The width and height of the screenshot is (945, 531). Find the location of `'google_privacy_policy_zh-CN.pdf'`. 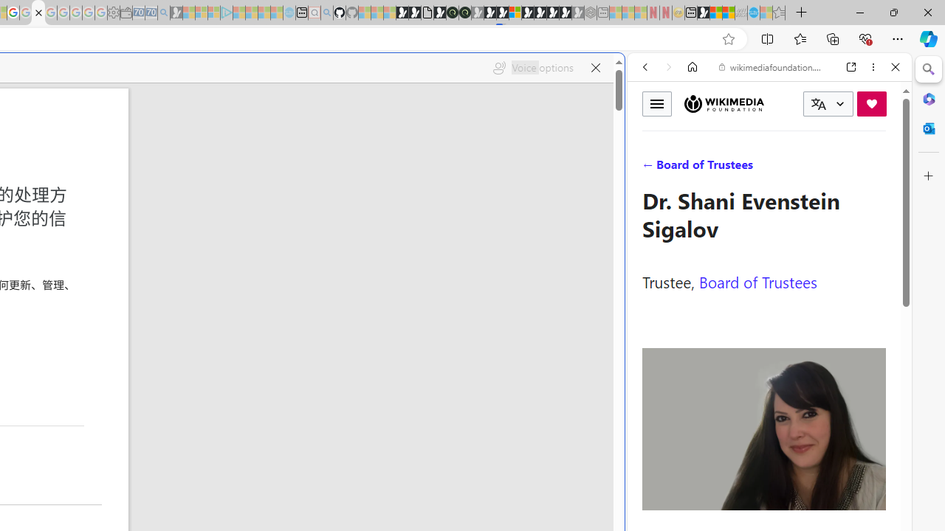

'google_privacy_policy_zh-CN.pdf' is located at coordinates (38, 13).